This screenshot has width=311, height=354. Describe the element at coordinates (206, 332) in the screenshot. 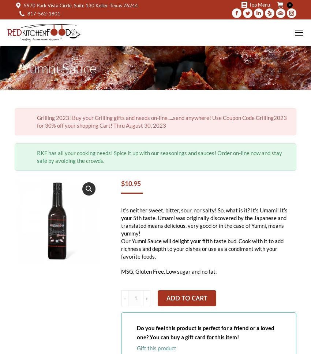

I see `'Do you feel this product is perfect for a friend or a loved one? You can buy a gift card for this item!'` at that location.